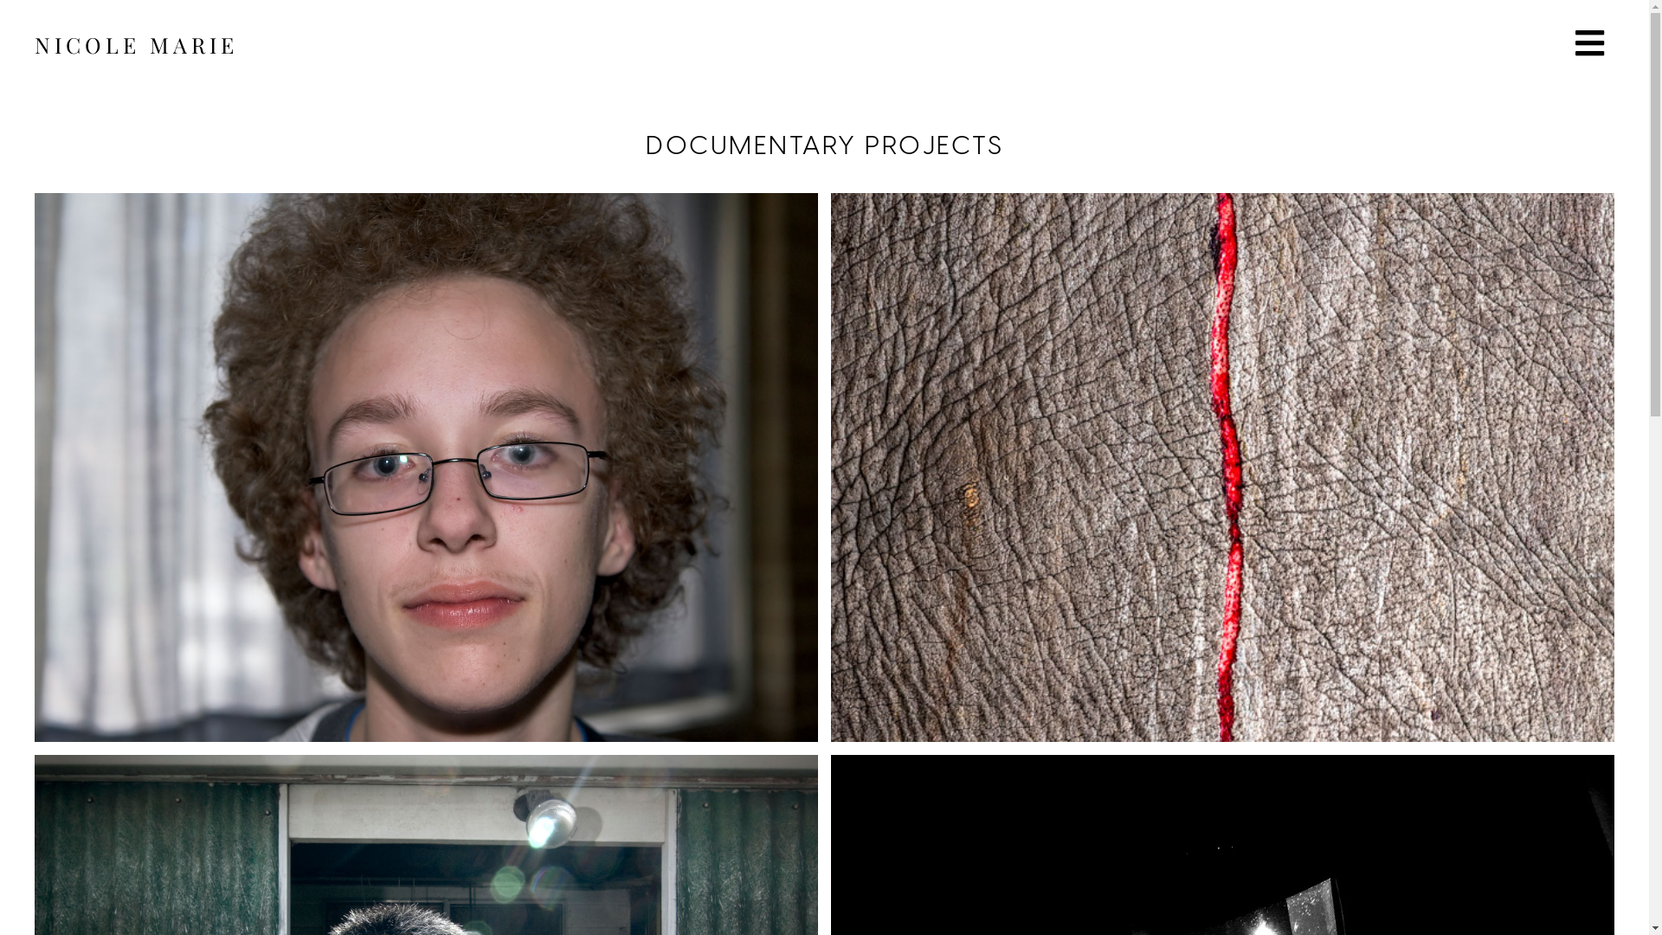  I want to click on 'NICOLE MARIE', so click(135, 43).